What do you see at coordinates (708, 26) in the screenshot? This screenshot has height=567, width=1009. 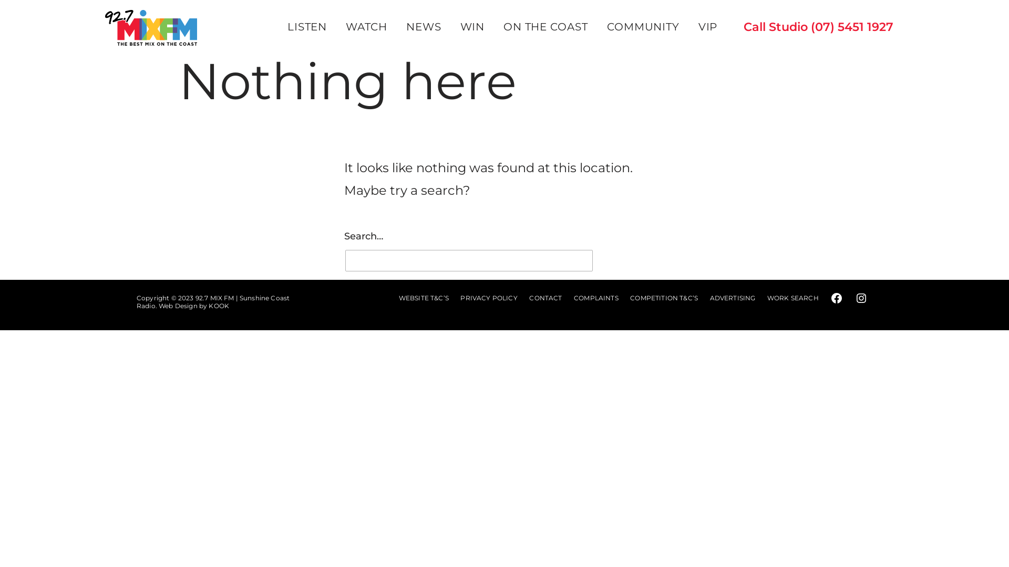 I see `'VIP'` at bounding box center [708, 26].